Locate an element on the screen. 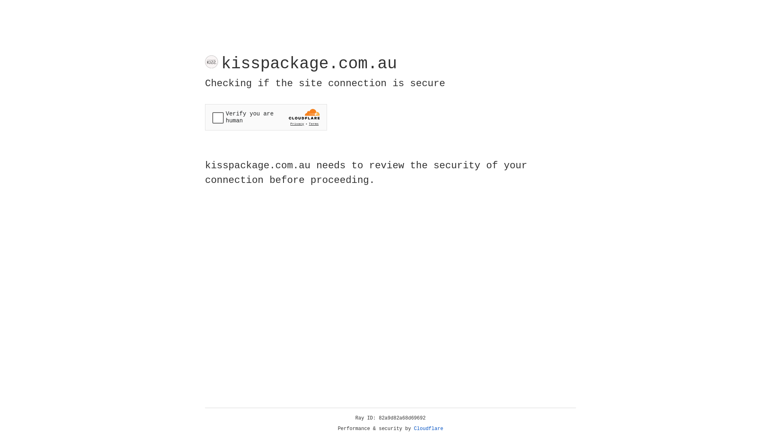  'Cloudflare' is located at coordinates (428, 428).